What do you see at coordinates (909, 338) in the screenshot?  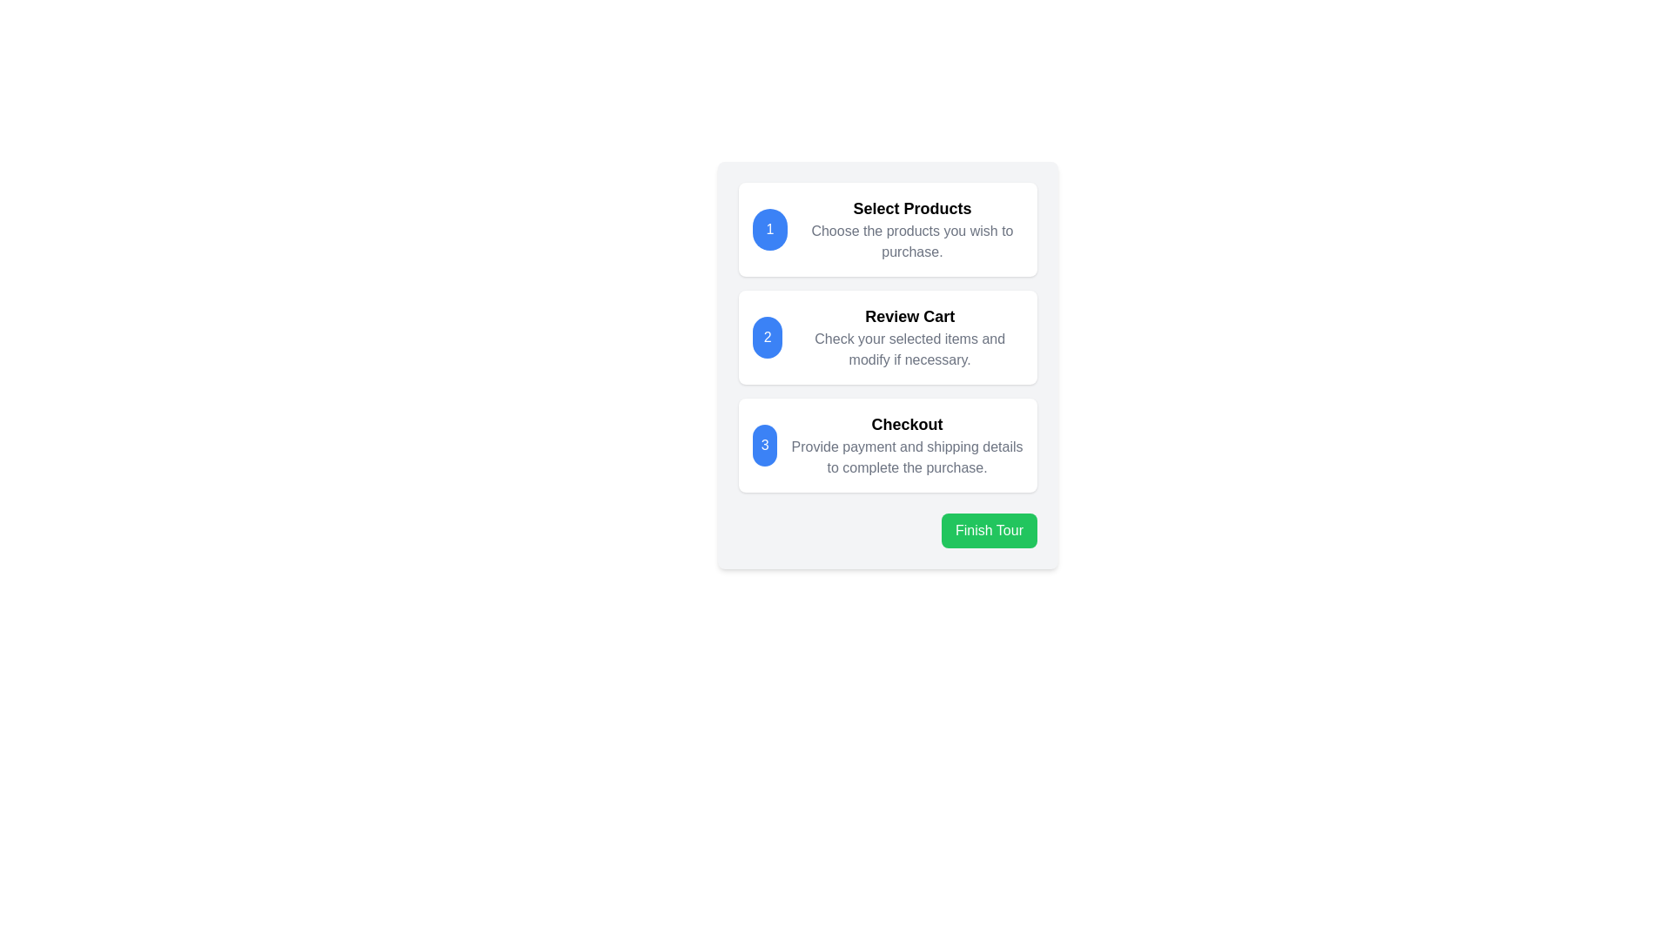 I see `the 'Review Cart' descriptive text block, which features a bold title and smaller gray text, located between 'Select Products' and 'Checkout' sections` at bounding box center [909, 338].